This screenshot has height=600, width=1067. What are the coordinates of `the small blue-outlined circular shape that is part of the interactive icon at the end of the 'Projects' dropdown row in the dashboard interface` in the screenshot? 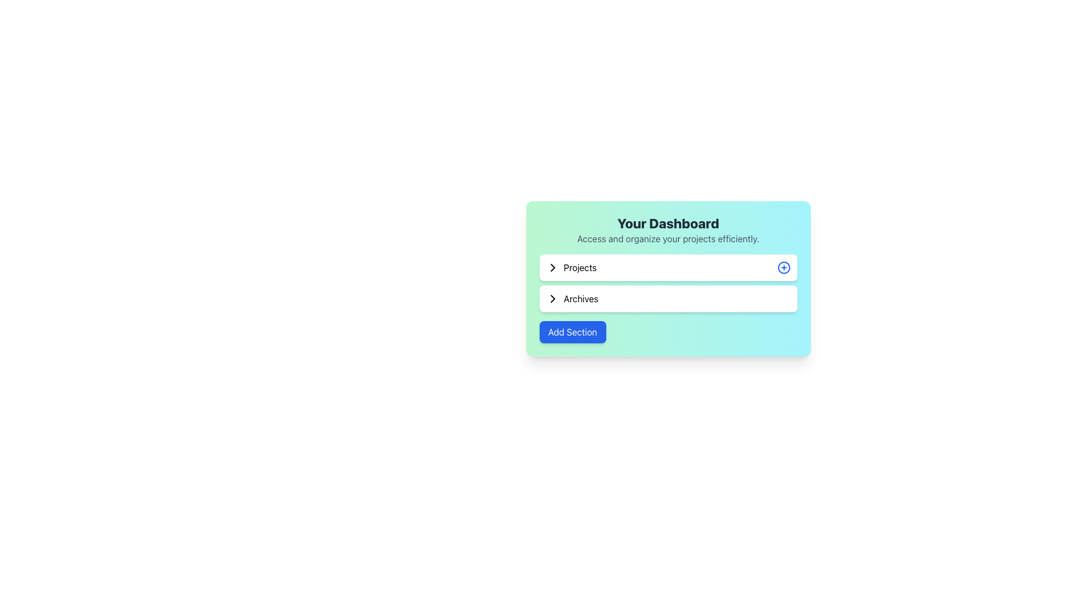 It's located at (783, 268).